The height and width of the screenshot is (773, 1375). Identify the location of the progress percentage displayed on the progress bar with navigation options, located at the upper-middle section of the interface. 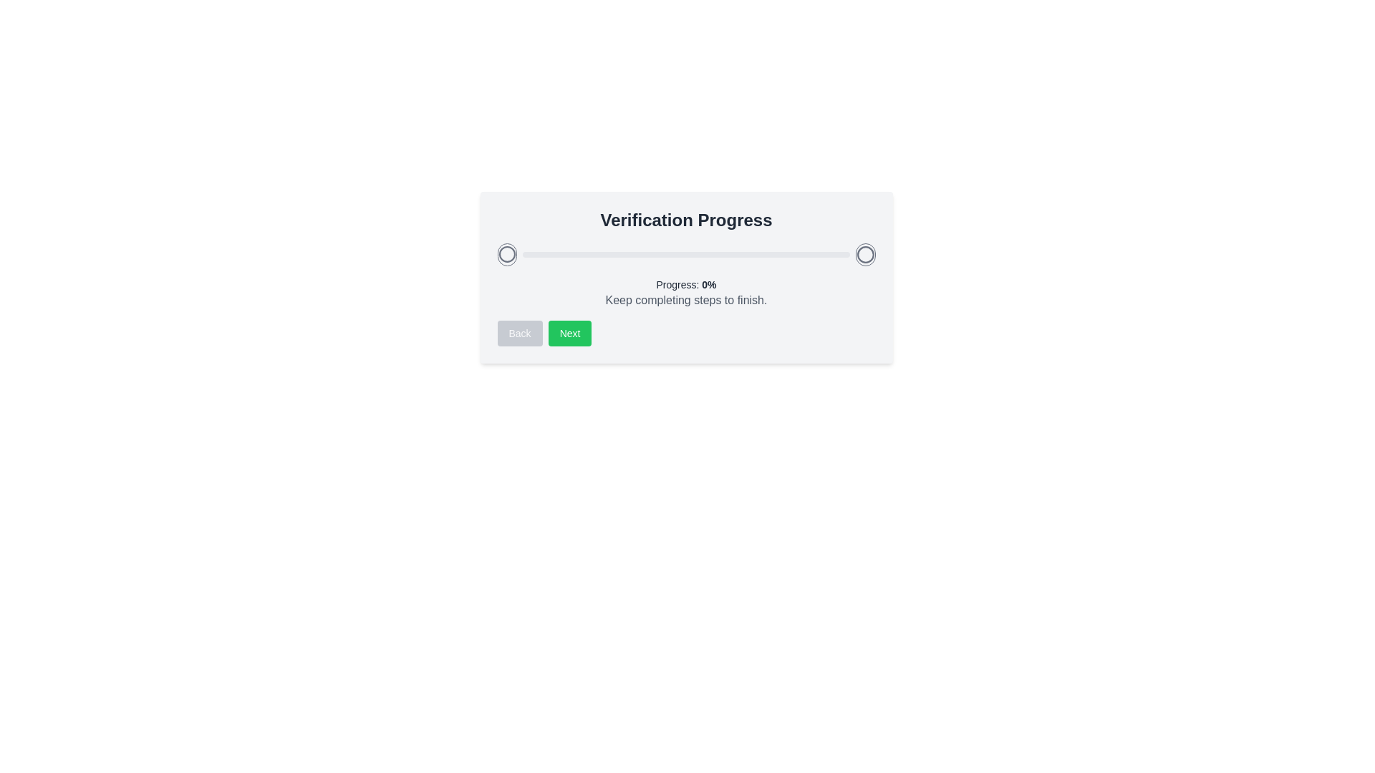
(685, 278).